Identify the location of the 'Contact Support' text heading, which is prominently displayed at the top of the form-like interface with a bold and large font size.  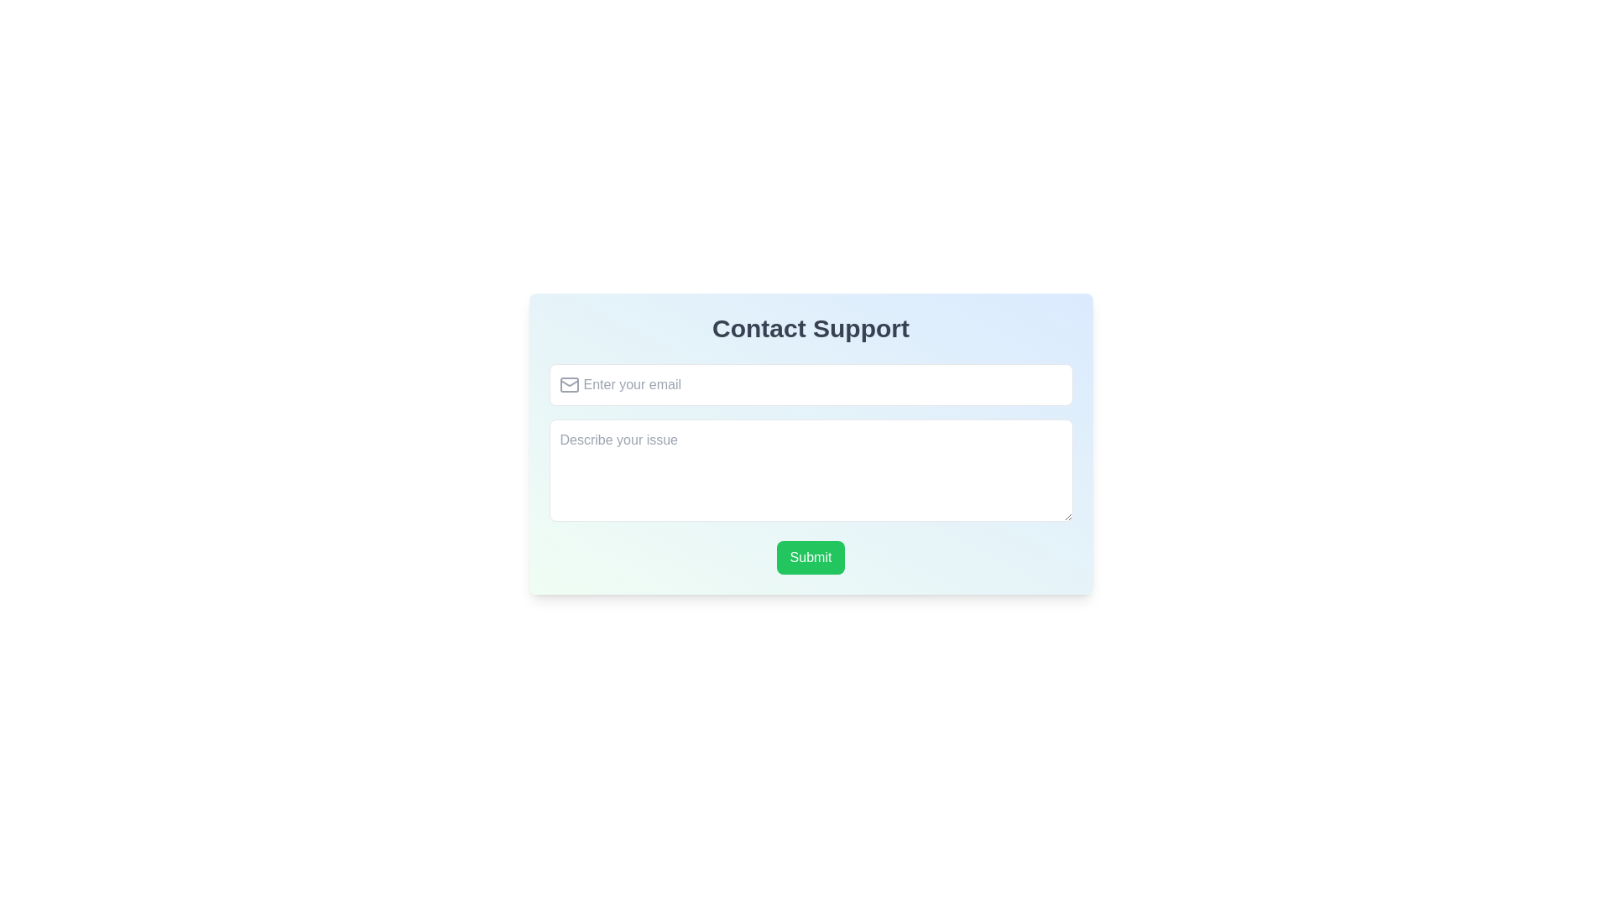
(811, 329).